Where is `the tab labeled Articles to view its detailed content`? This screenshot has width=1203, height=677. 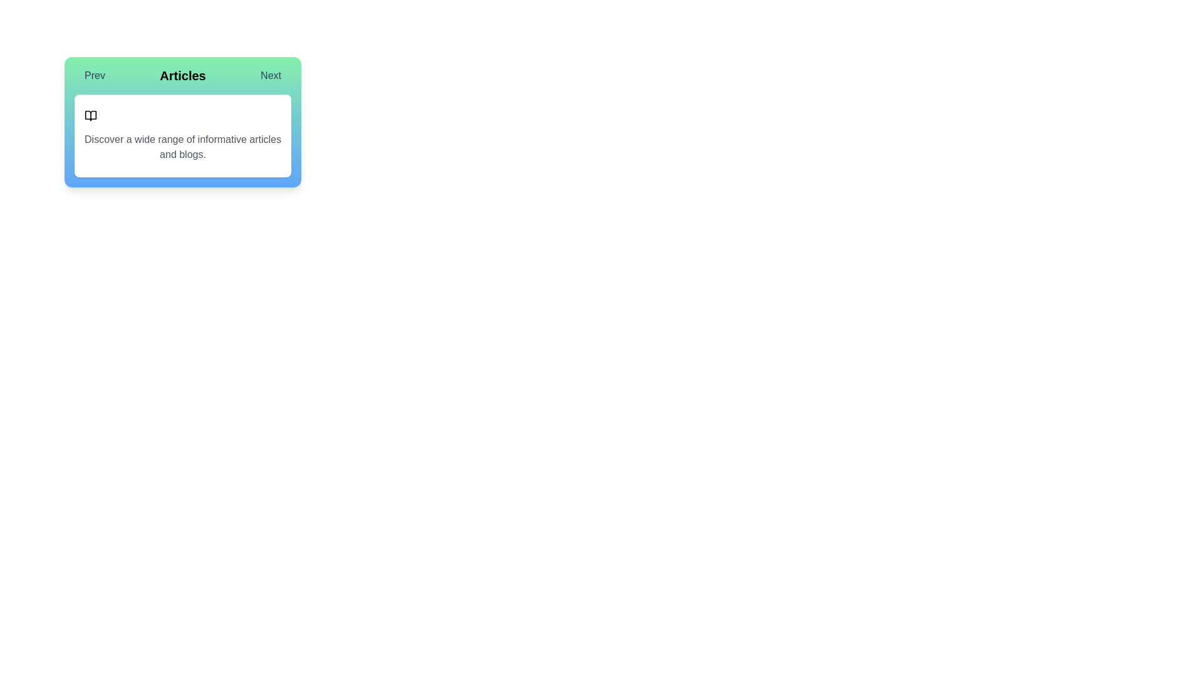
the tab labeled Articles to view its detailed content is located at coordinates (182, 75).